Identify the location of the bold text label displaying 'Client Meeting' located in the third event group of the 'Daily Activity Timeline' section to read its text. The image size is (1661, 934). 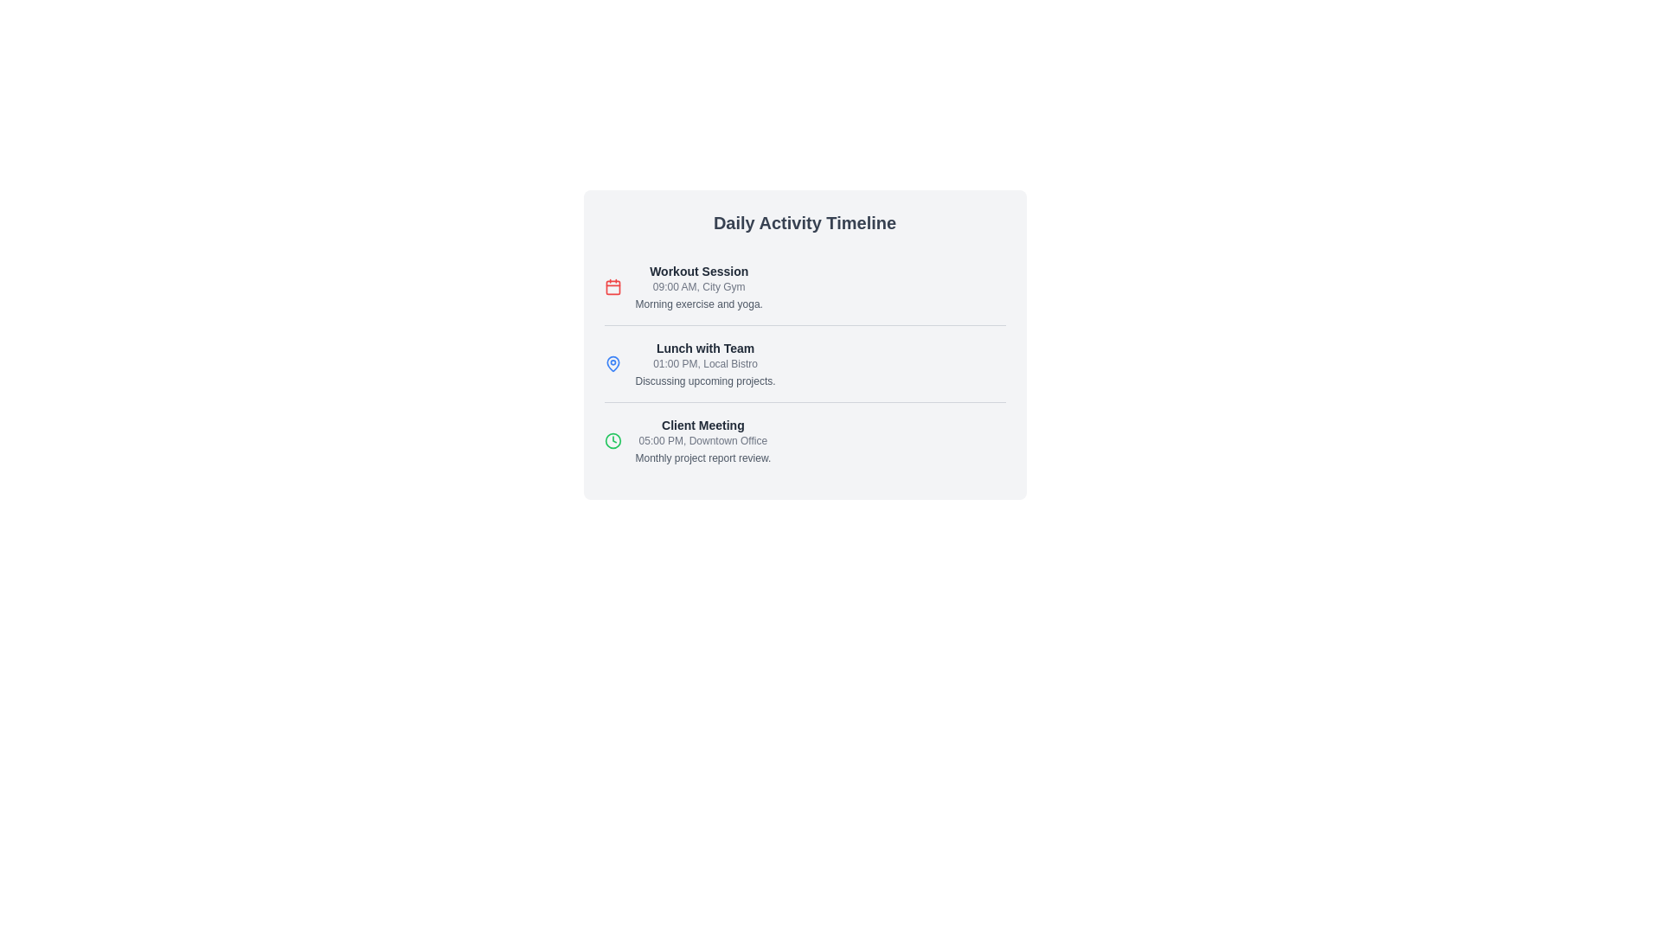
(702, 425).